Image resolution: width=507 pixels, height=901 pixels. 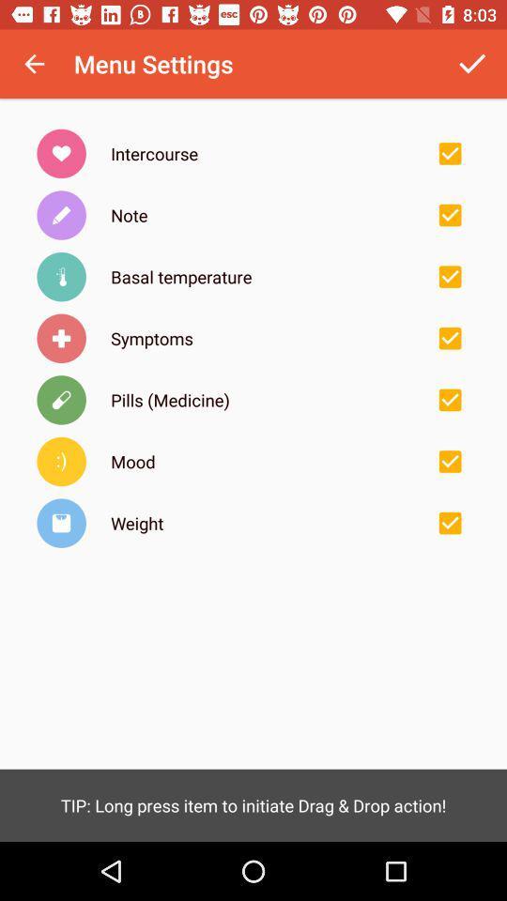 What do you see at coordinates (449, 400) in the screenshot?
I see `click pills` at bounding box center [449, 400].